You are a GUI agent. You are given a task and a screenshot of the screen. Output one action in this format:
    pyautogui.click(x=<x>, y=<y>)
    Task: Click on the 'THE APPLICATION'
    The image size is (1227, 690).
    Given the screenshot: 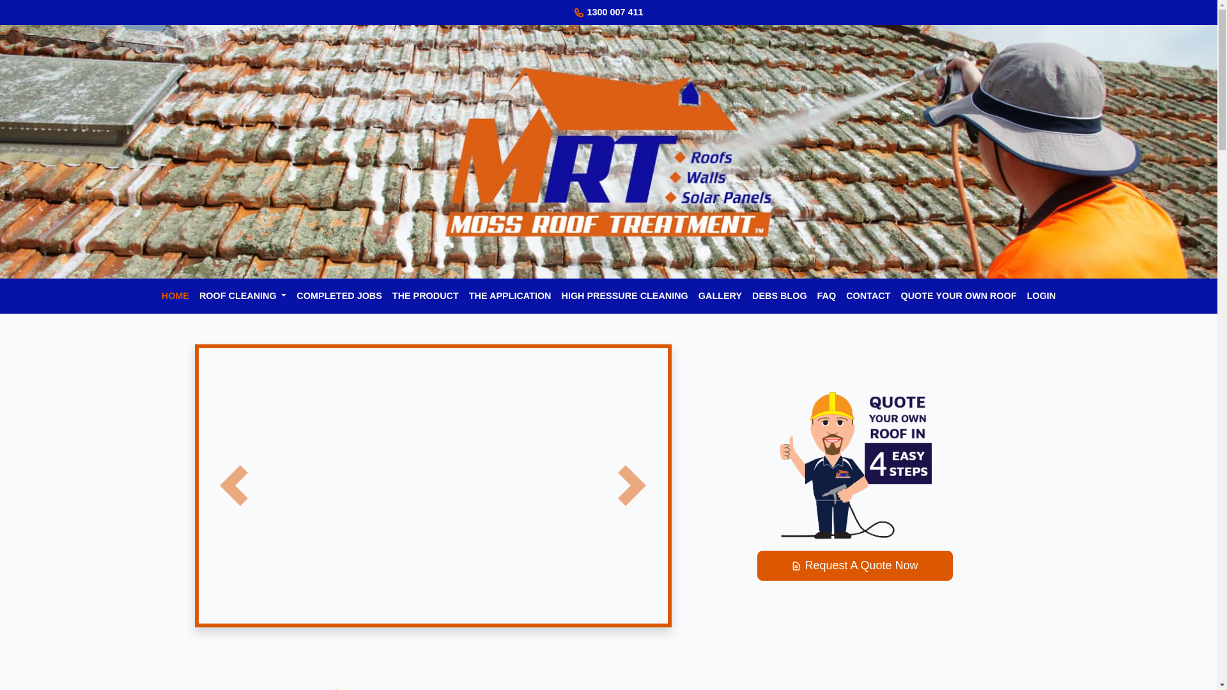 What is the action you would take?
    pyautogui.click(x=509, y=296)
    